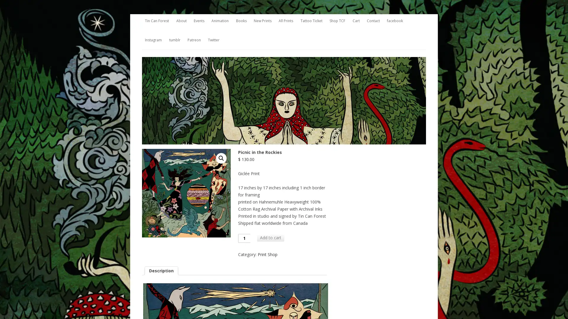  I want to click on Add to cart, so click(270, 237).